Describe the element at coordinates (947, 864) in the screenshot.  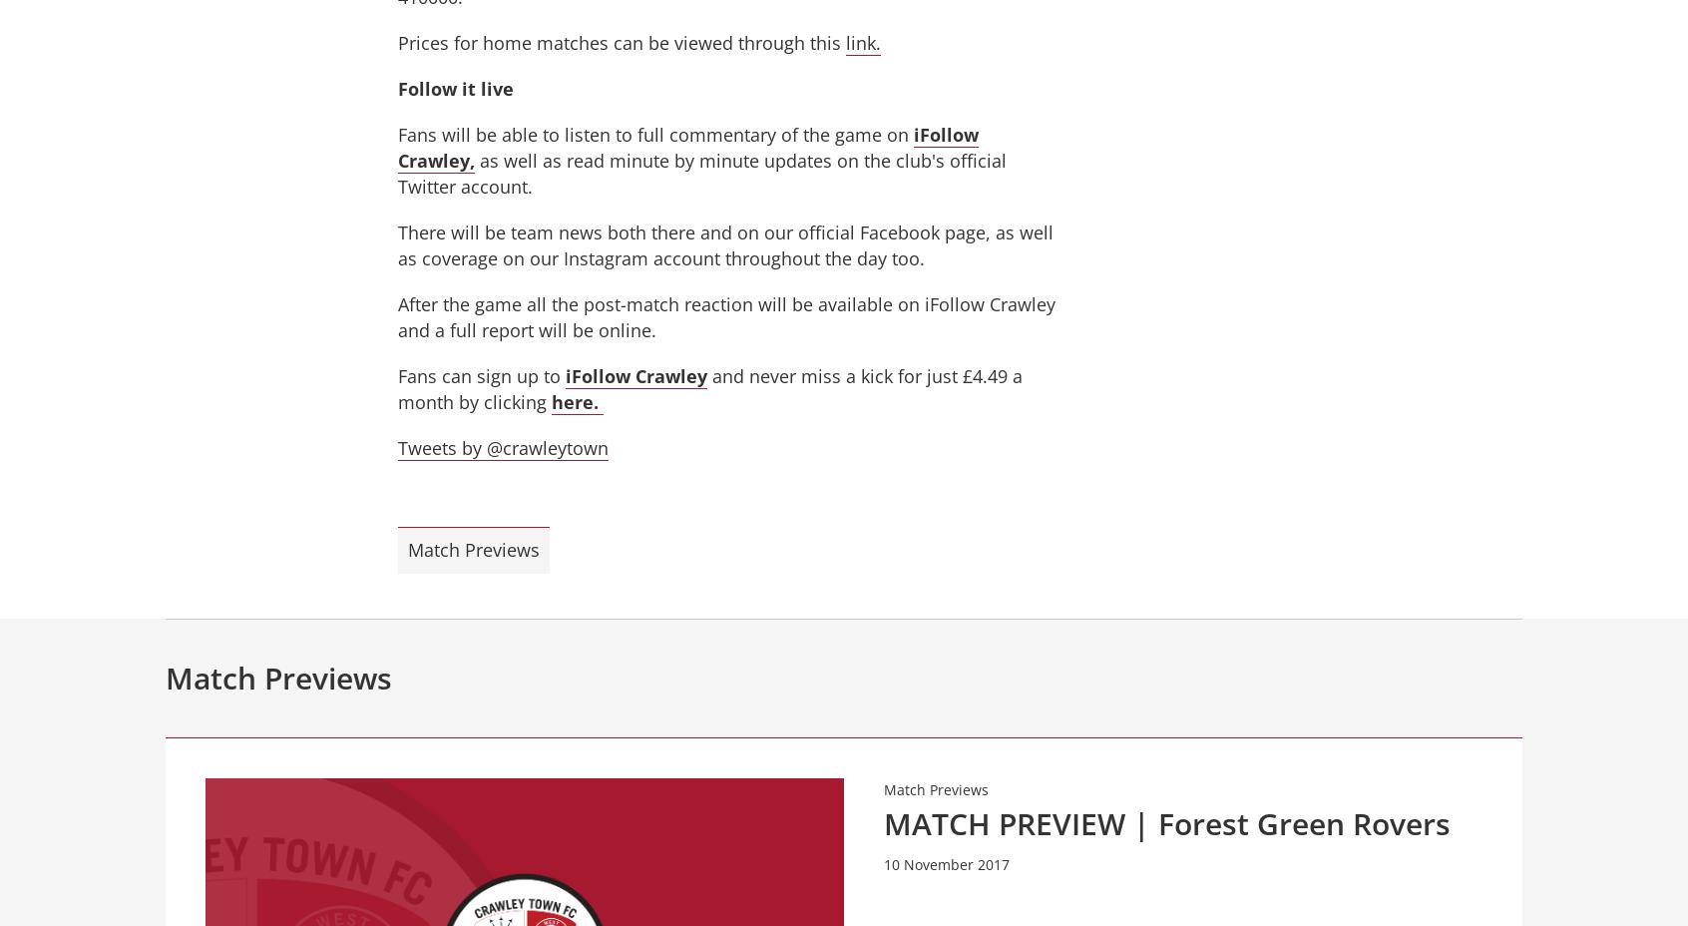
I see `'10 November 2017'` at that location.